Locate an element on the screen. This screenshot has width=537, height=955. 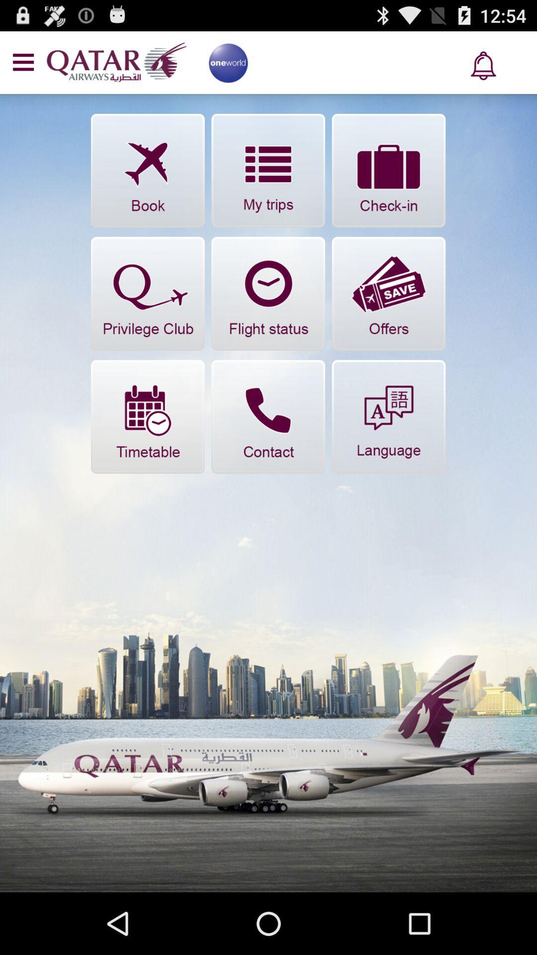
book flight is located at coordinates (148, 171).